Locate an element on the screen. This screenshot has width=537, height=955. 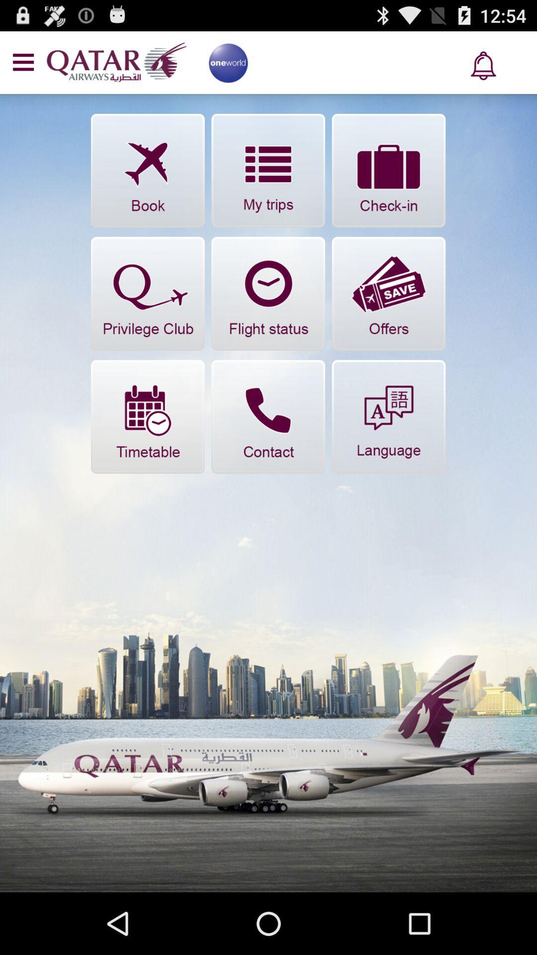
book flight is located at coordinates (148, 171).